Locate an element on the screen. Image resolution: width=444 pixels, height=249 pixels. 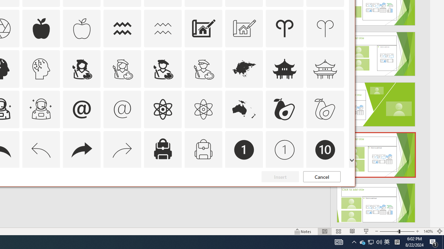
'AutomationID: Icons_Backpack_M' is located at coordinates (203, 149).